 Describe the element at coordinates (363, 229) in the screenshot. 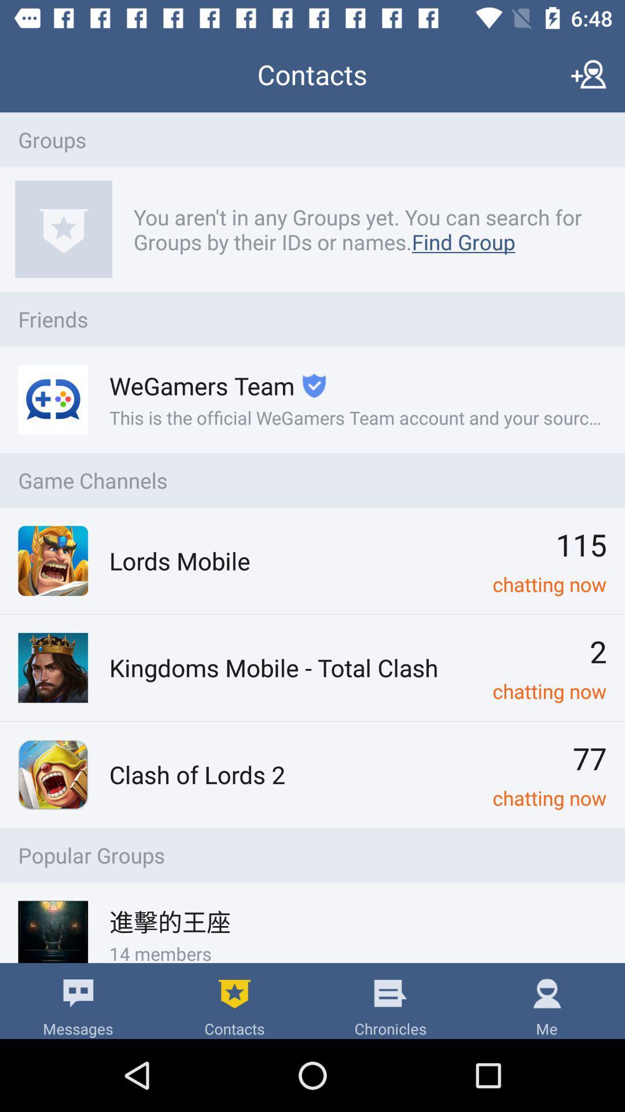

I see `you aren t app` at that location.